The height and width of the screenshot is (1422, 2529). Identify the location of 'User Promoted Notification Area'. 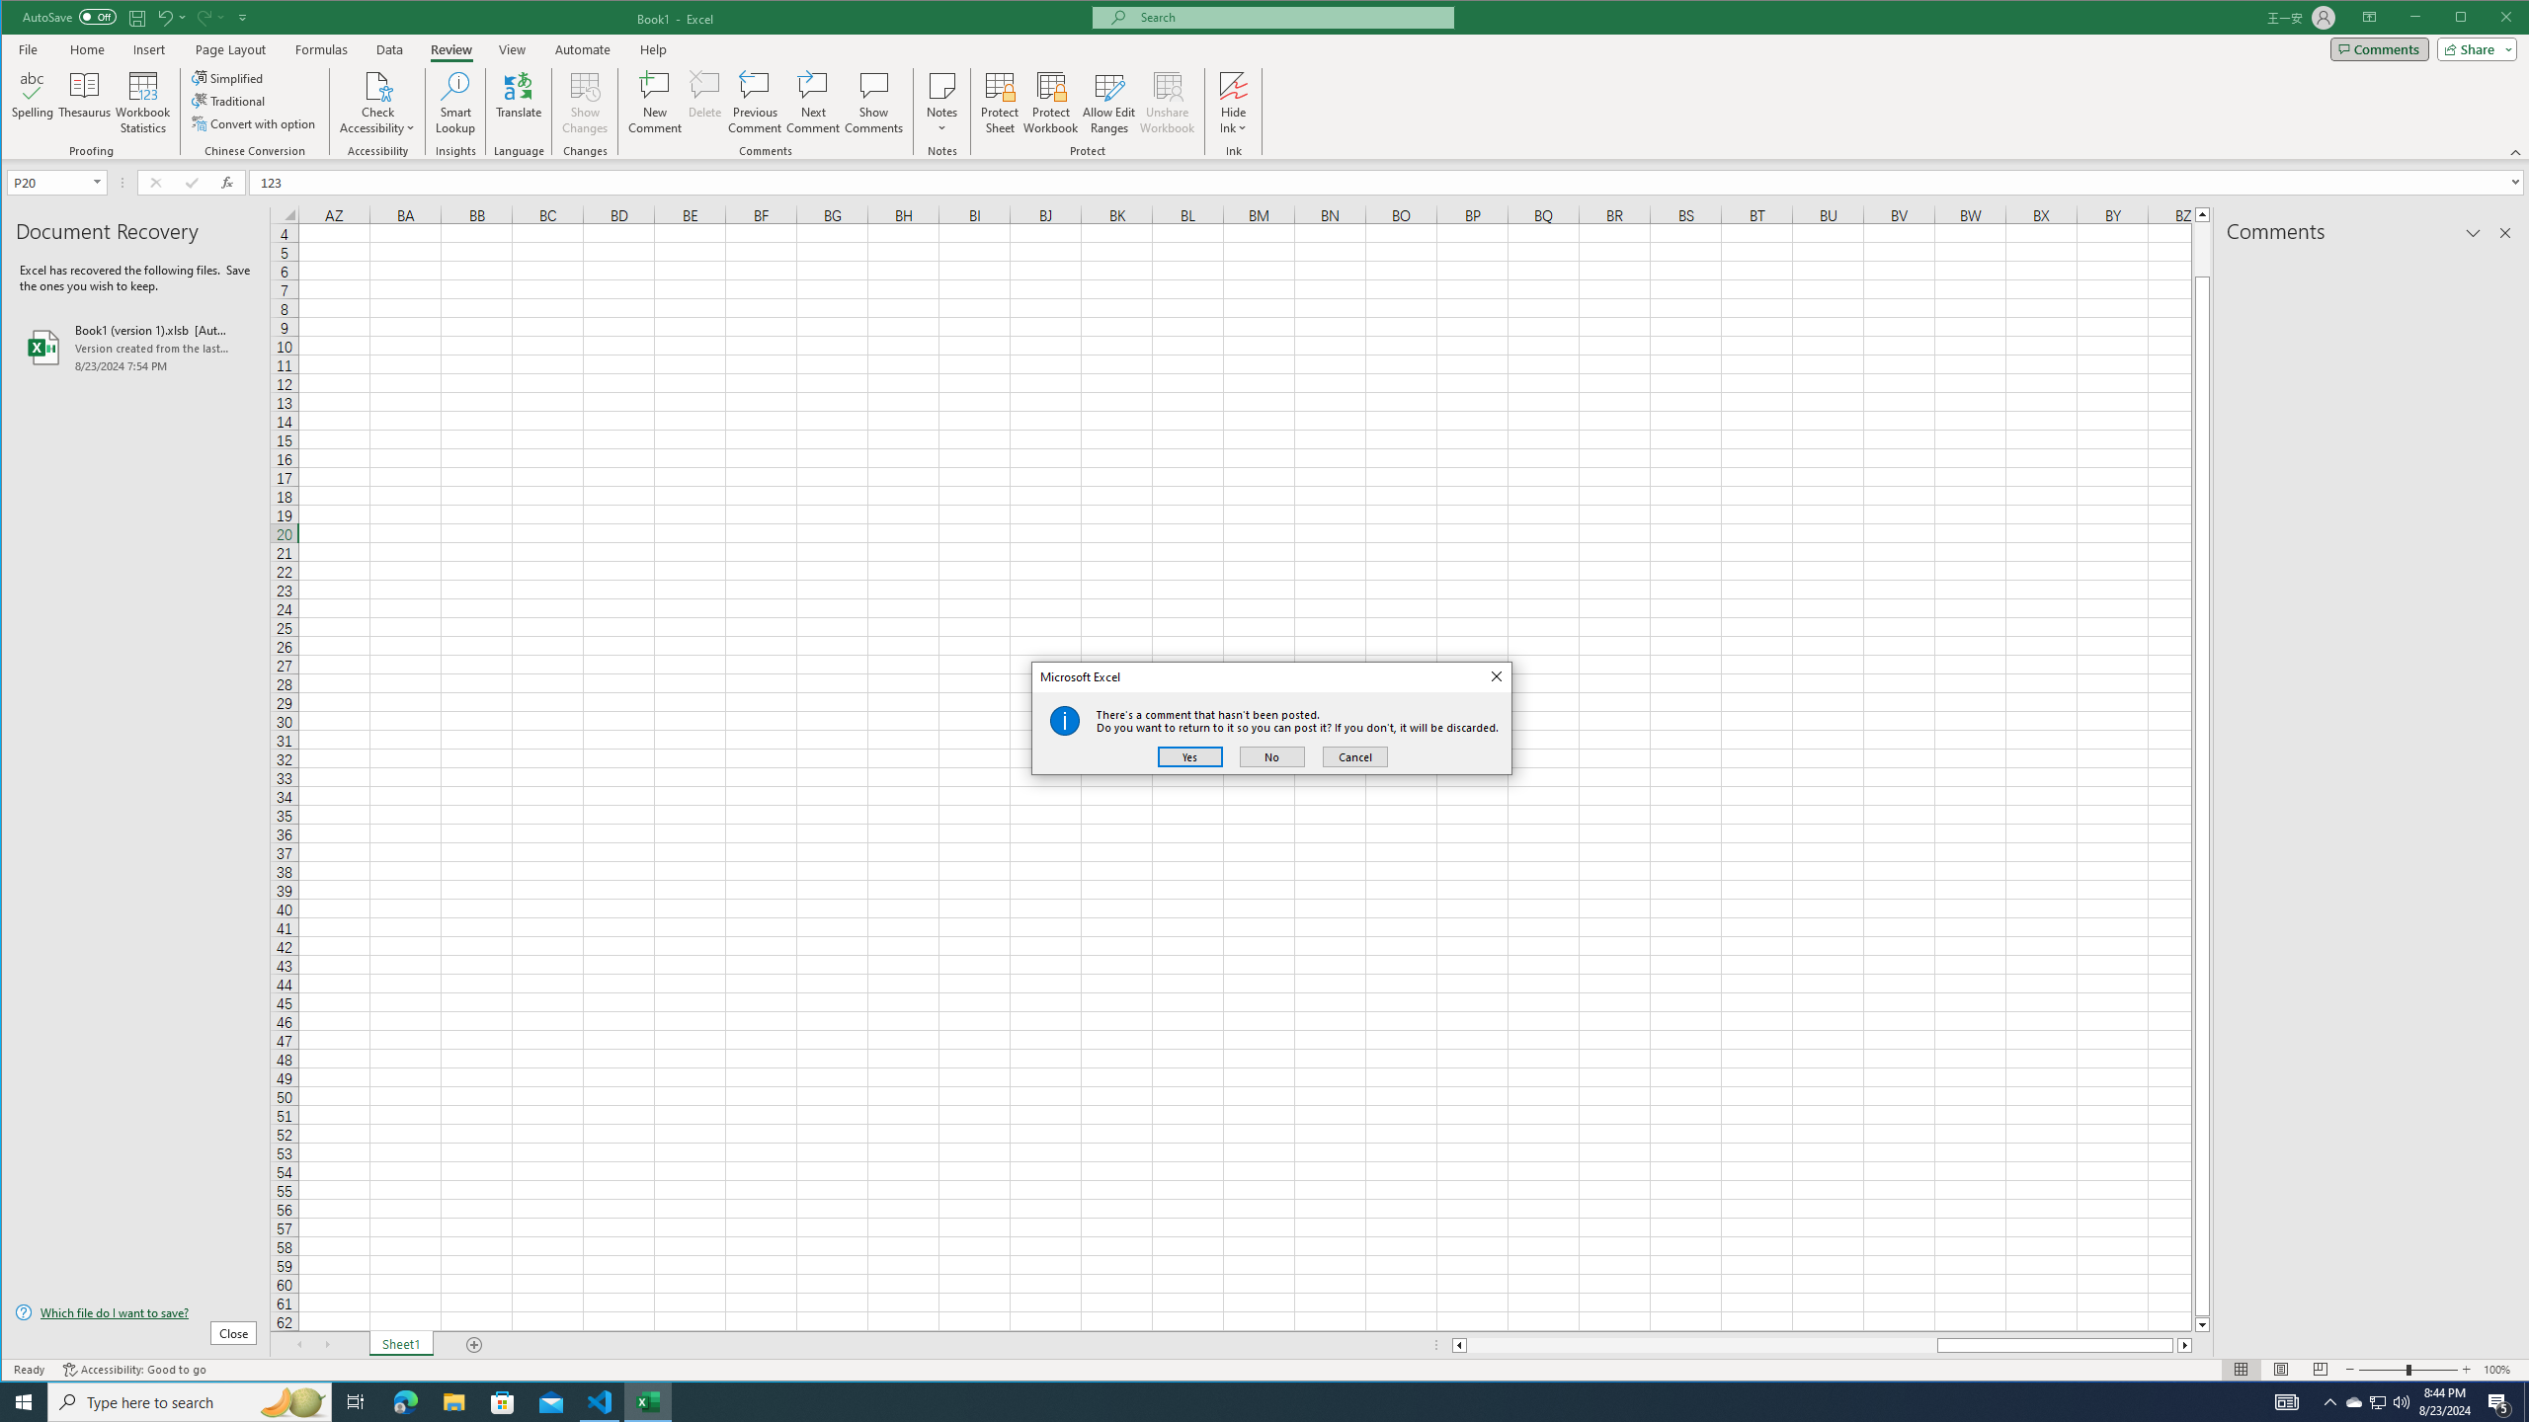
(2376, 1400).